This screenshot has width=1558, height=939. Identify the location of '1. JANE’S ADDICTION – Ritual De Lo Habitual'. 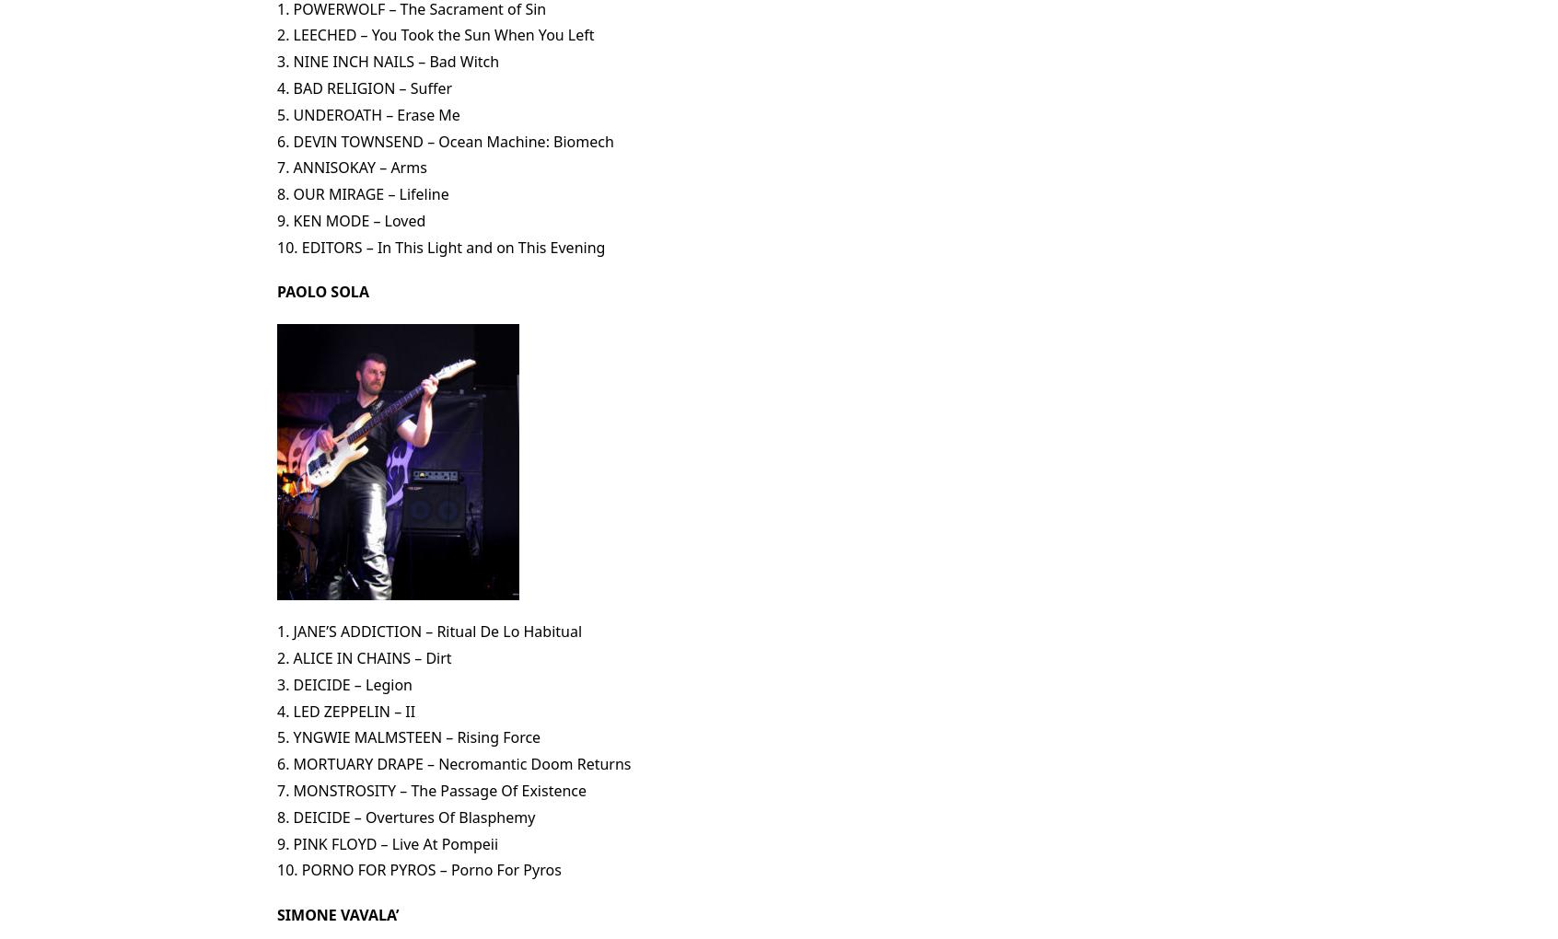
(276, 630).